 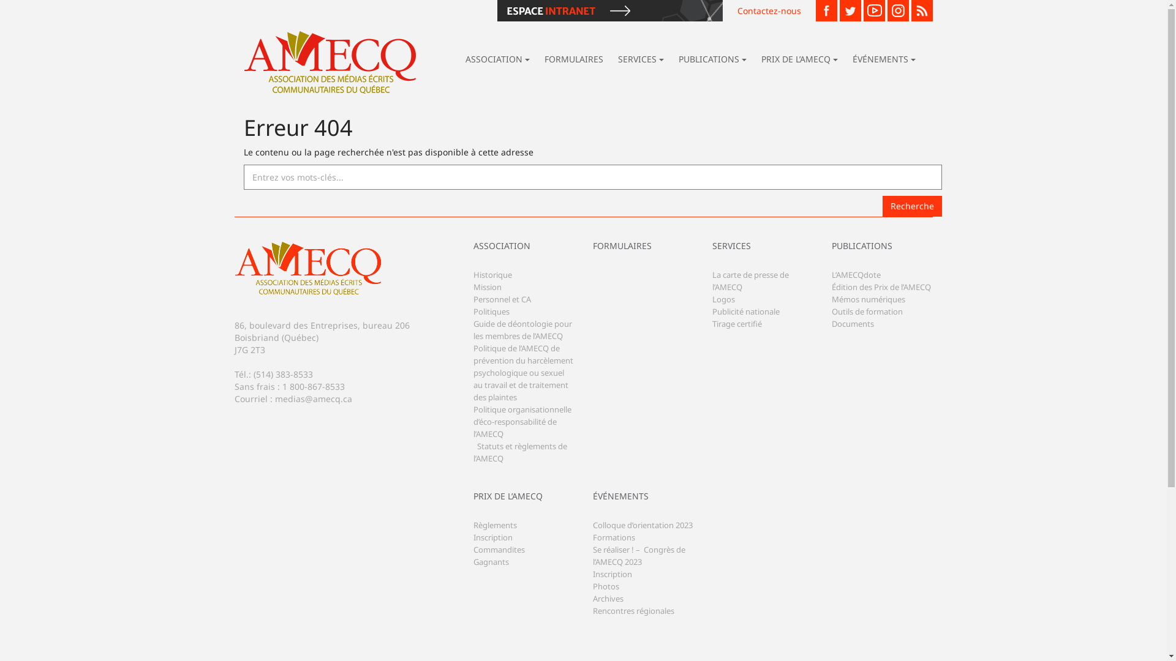 I want to click on 'Recherche', so click(x=882, y=205).